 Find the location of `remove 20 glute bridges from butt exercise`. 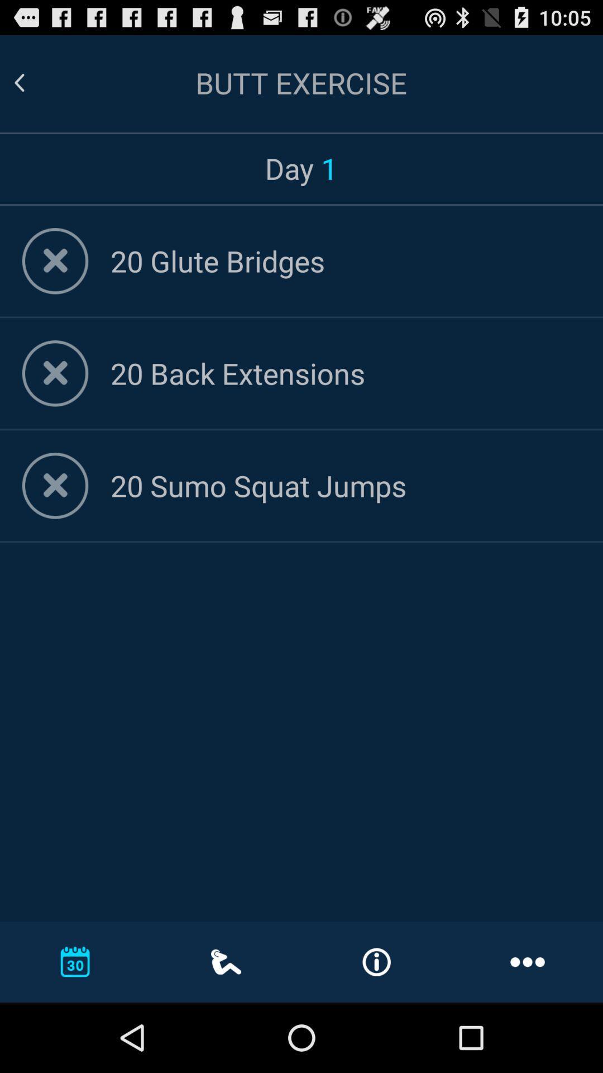

remove 20 glute bridges from butt exercise is located at coordinates (55, 260).